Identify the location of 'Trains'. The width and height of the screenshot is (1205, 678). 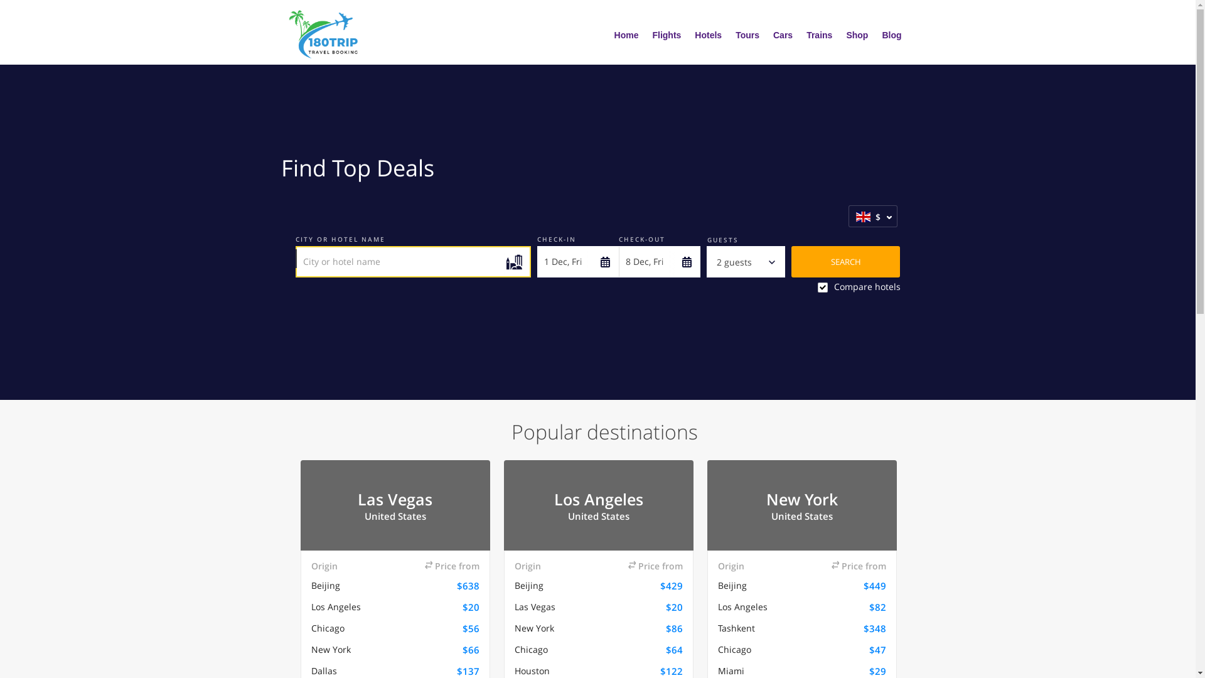
(819, 35).